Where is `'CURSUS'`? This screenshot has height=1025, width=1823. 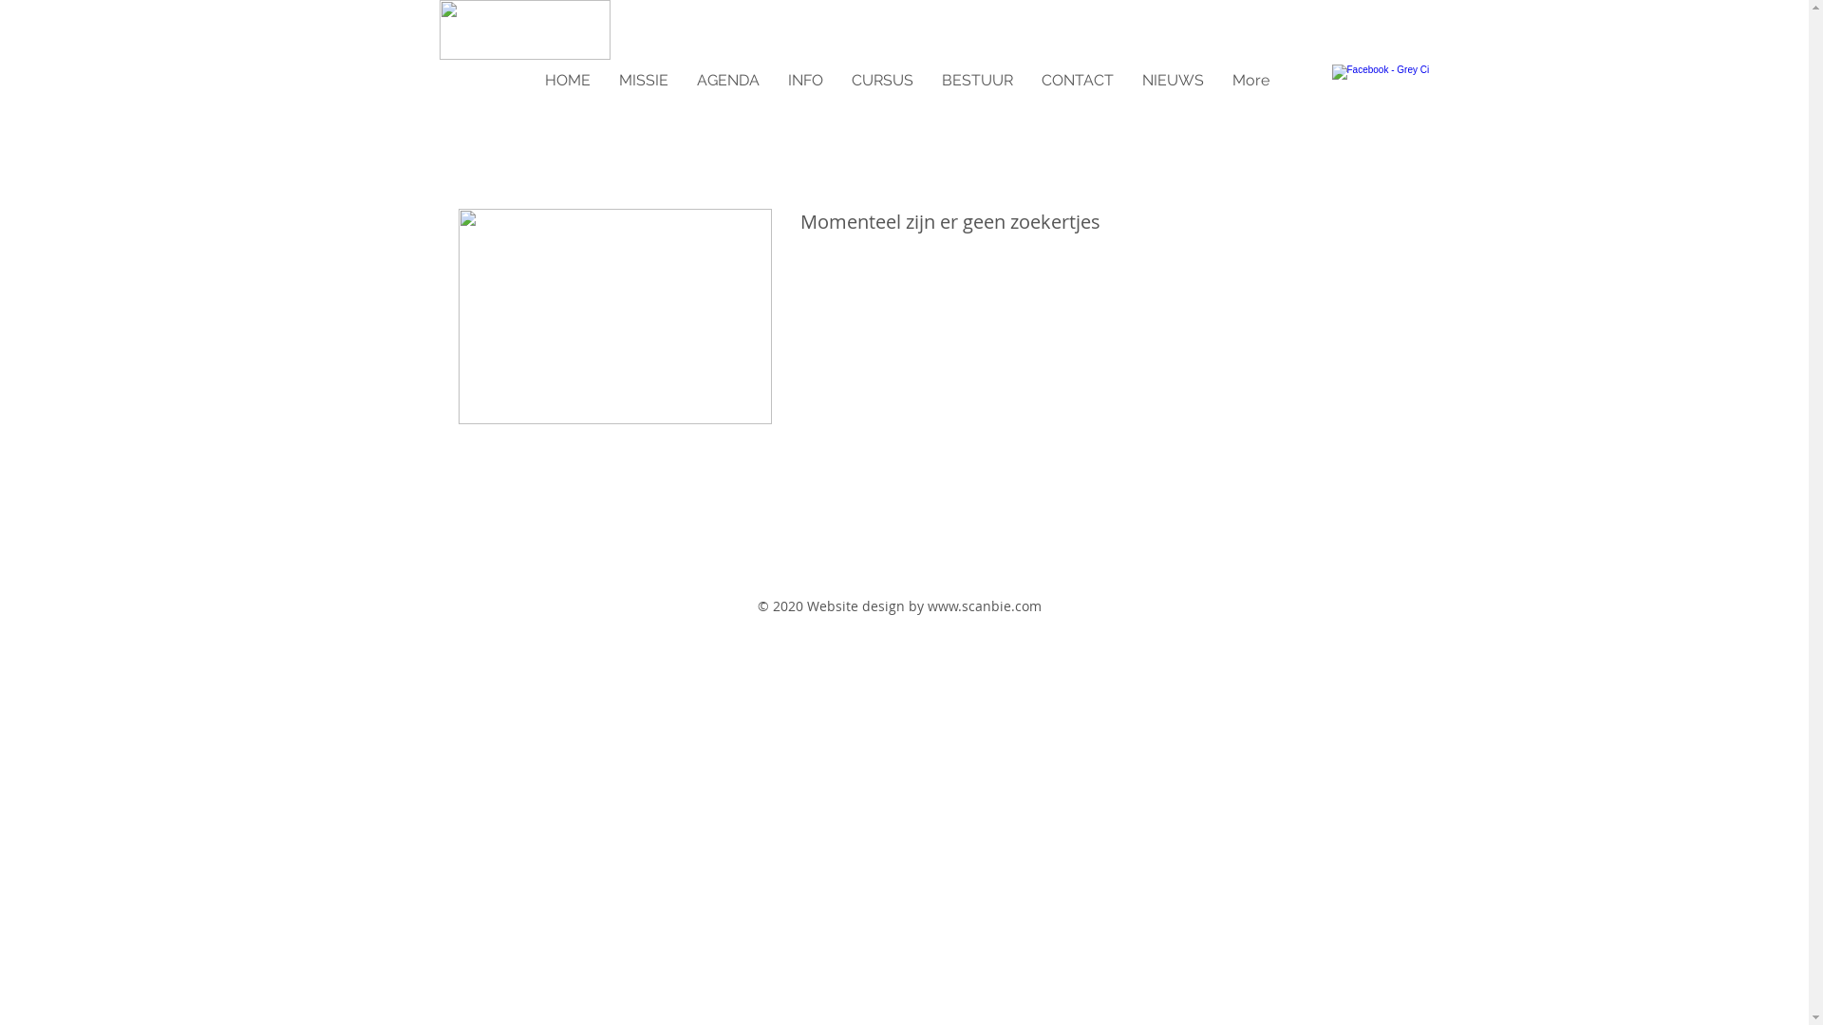
'CURSUS' is located at coordinates (836, 79).